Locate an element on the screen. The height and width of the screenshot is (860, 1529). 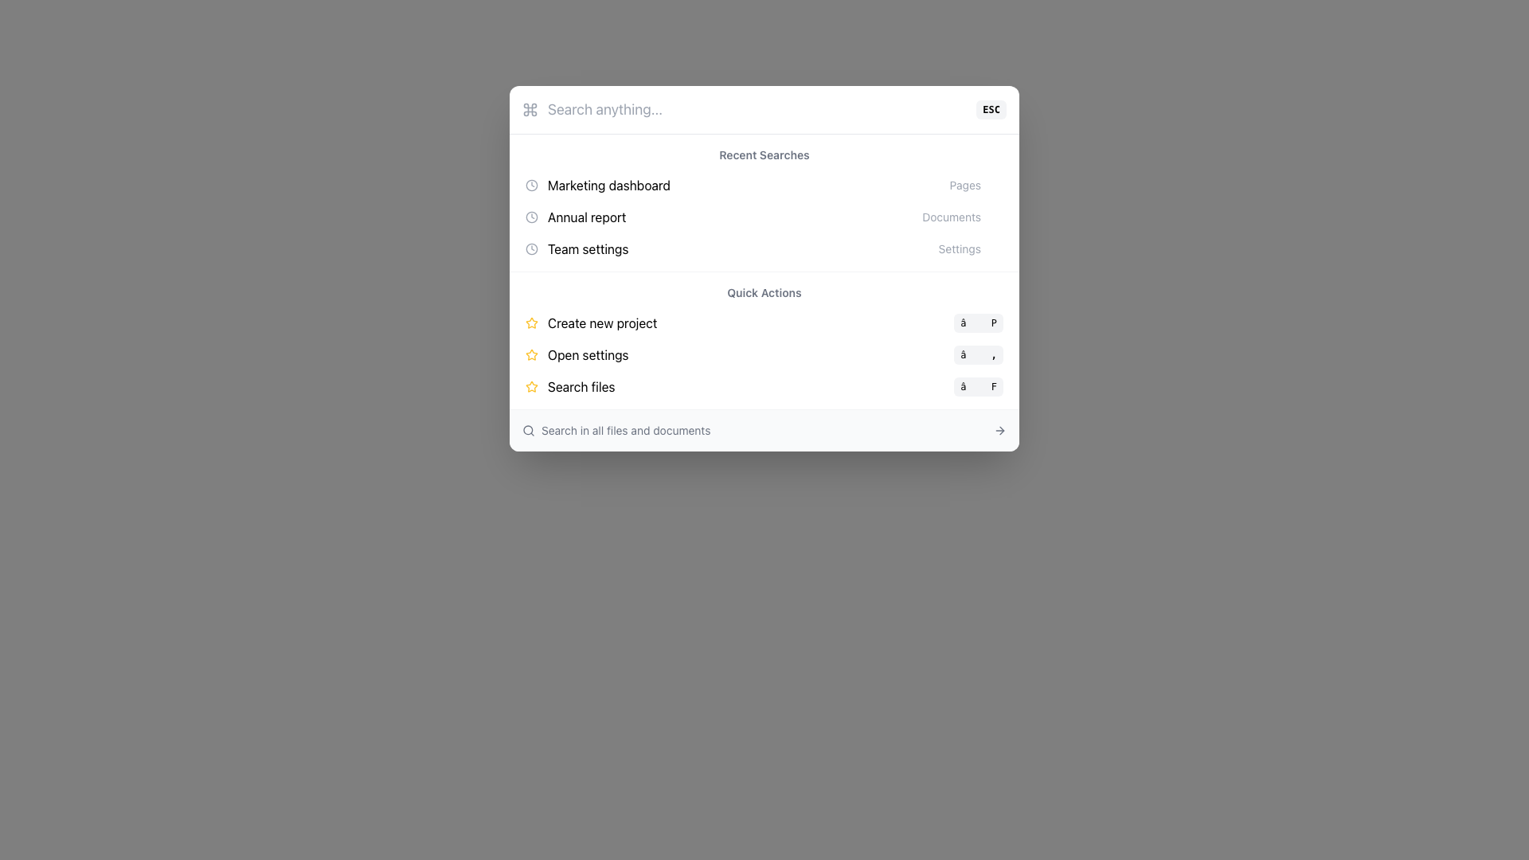
the 'Team settings' button in the Recent Searches section is located at coordinates (764, 248).